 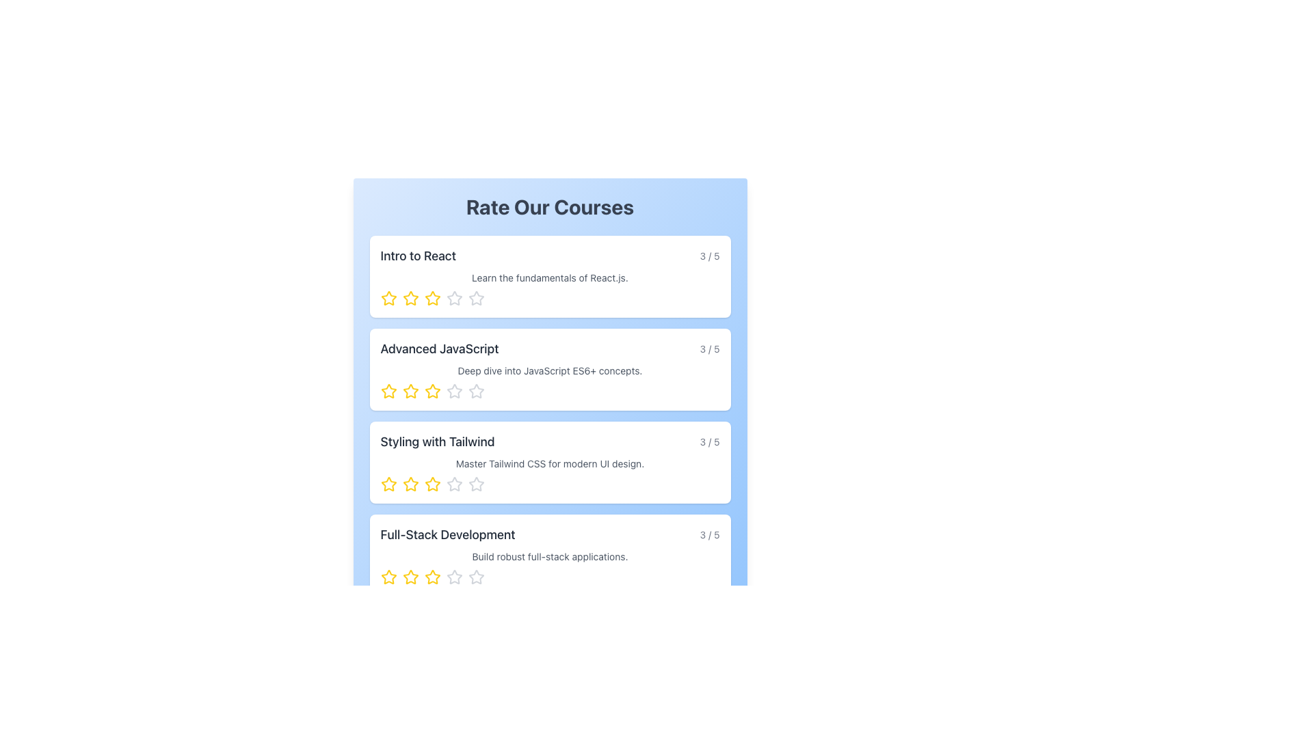 What do you see at coordinates (432, 392) in the screenshot?
I see `the third rating star icon to provide a rating for the 'Advanced JavaScript' course` at bounding box center [432, 392].